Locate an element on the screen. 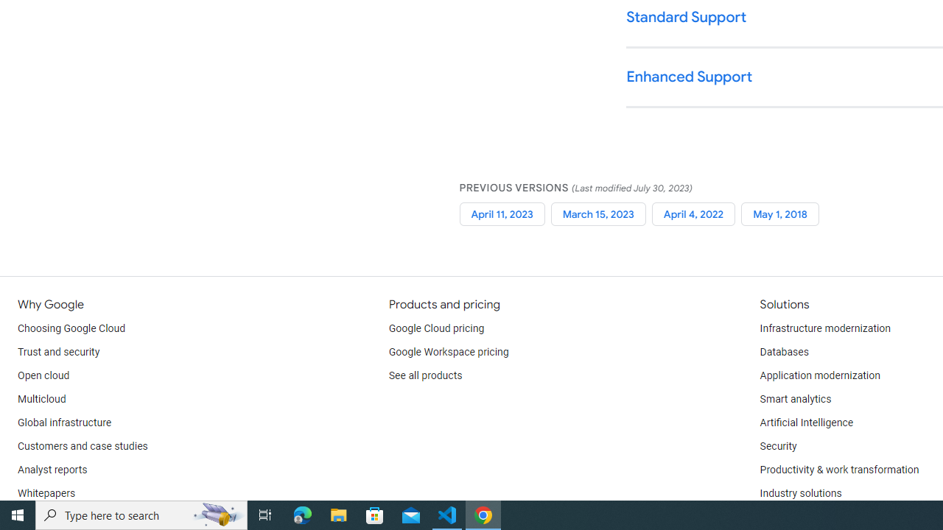 The image size is (943, 530). 'Choosing Google Cloud' is located at coordinates (71, 328).